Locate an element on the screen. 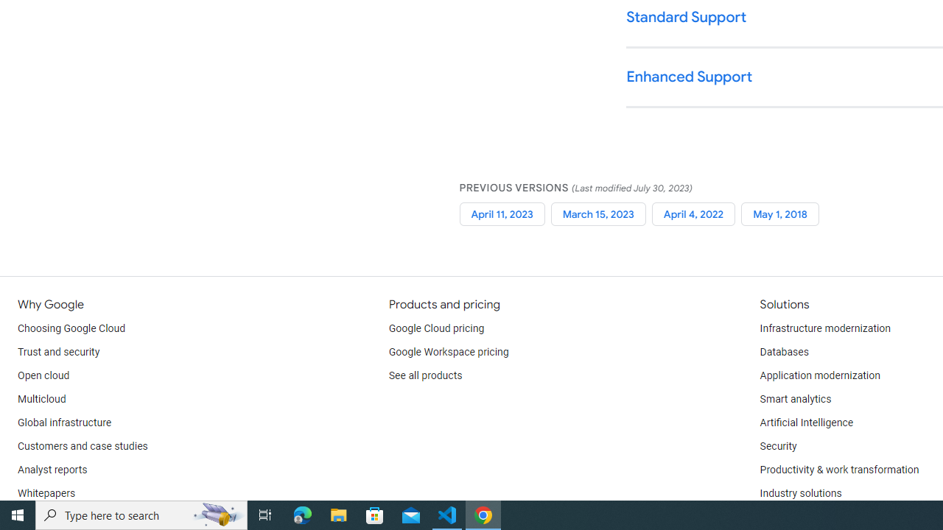 The image size is (943, 530). 'Choosing Google Cloud' is located at coordinates (71, 328).